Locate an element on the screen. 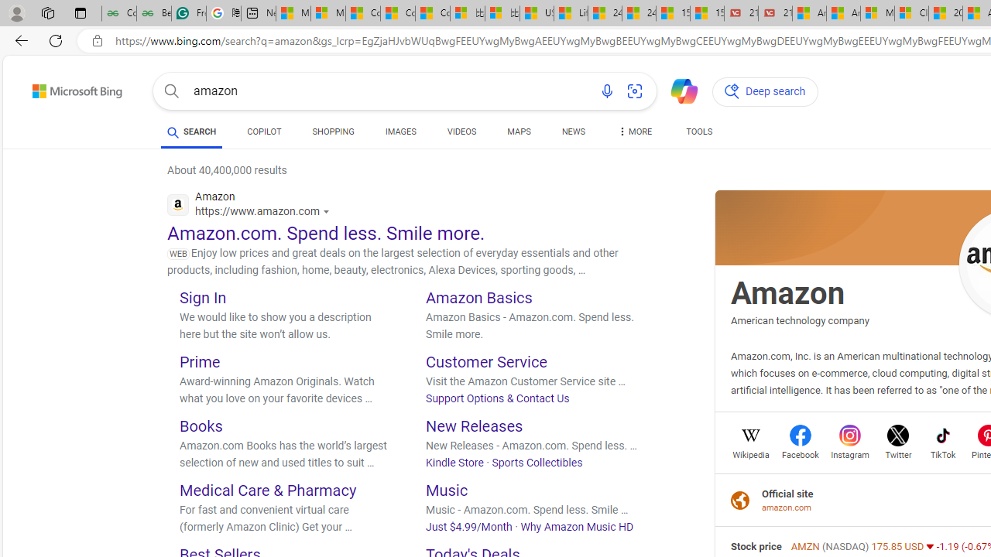 The width and height of the screenshot is (991, 557). 'Instagram' is located at coordinates (849, 453).